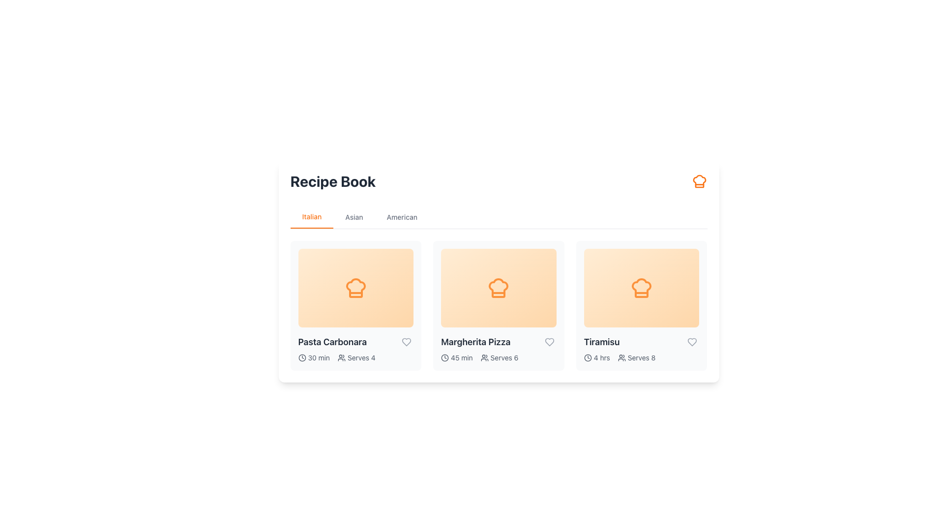 This screenshot has height=531, width=944. I want to click on the icon that visually represents the number of people a recipe serves, located in the top-left corner of the label reading 'Serves 4', so click(342, 358).